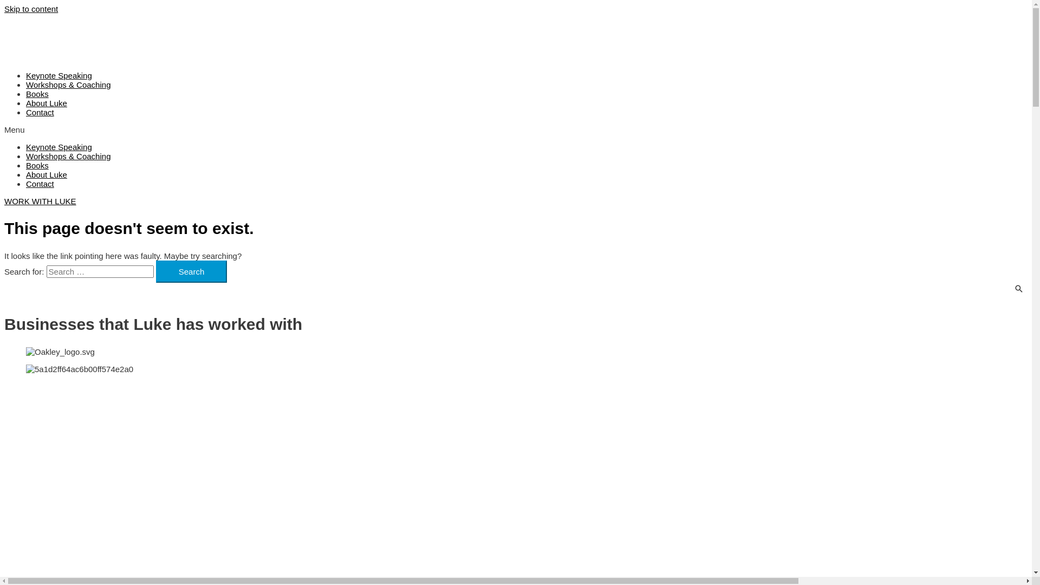  Describe the element at coordinates (26, 84) in the screenshot. I see `'Workshops & Coaching'` at that location.